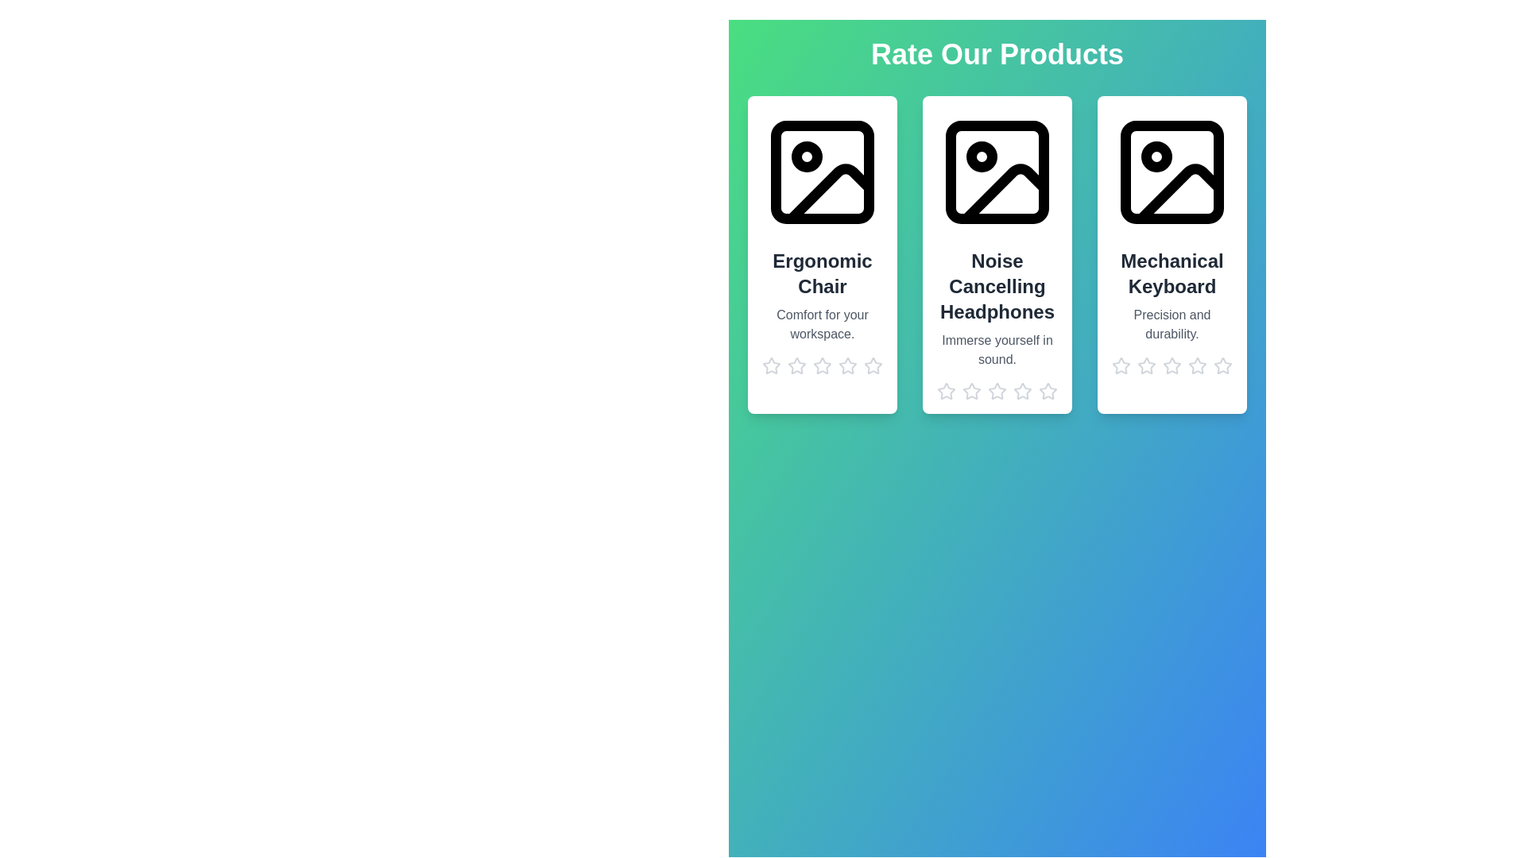  Describe the element at coordinates (1172, 323) in the screenshot. I see `the description of the product Mechanical Keyboard` at that location.